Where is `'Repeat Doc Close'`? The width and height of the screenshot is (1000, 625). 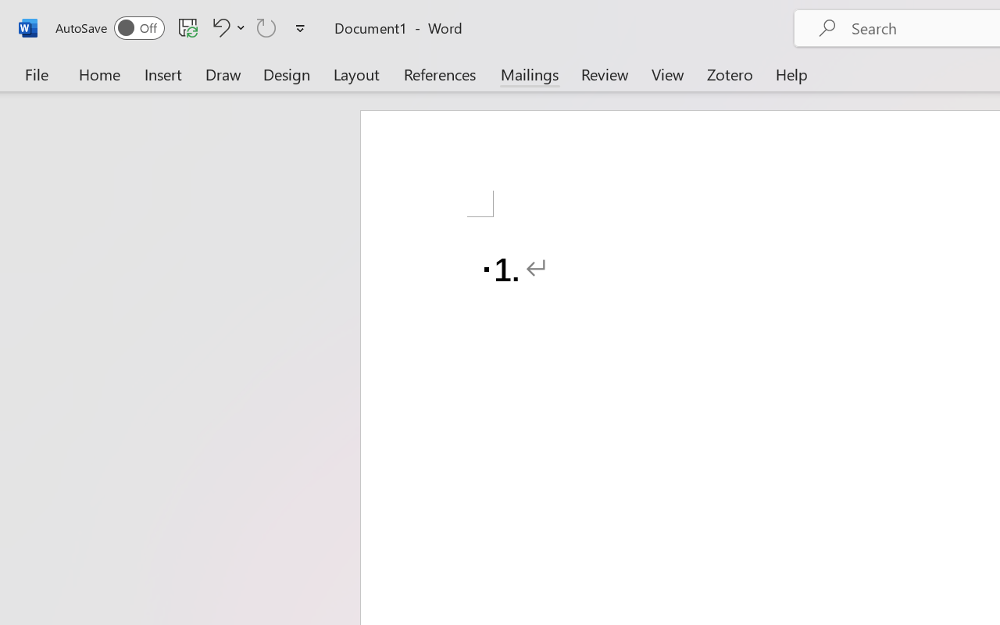 'Repeat Doc Close' is located at coordinates (266, 27).